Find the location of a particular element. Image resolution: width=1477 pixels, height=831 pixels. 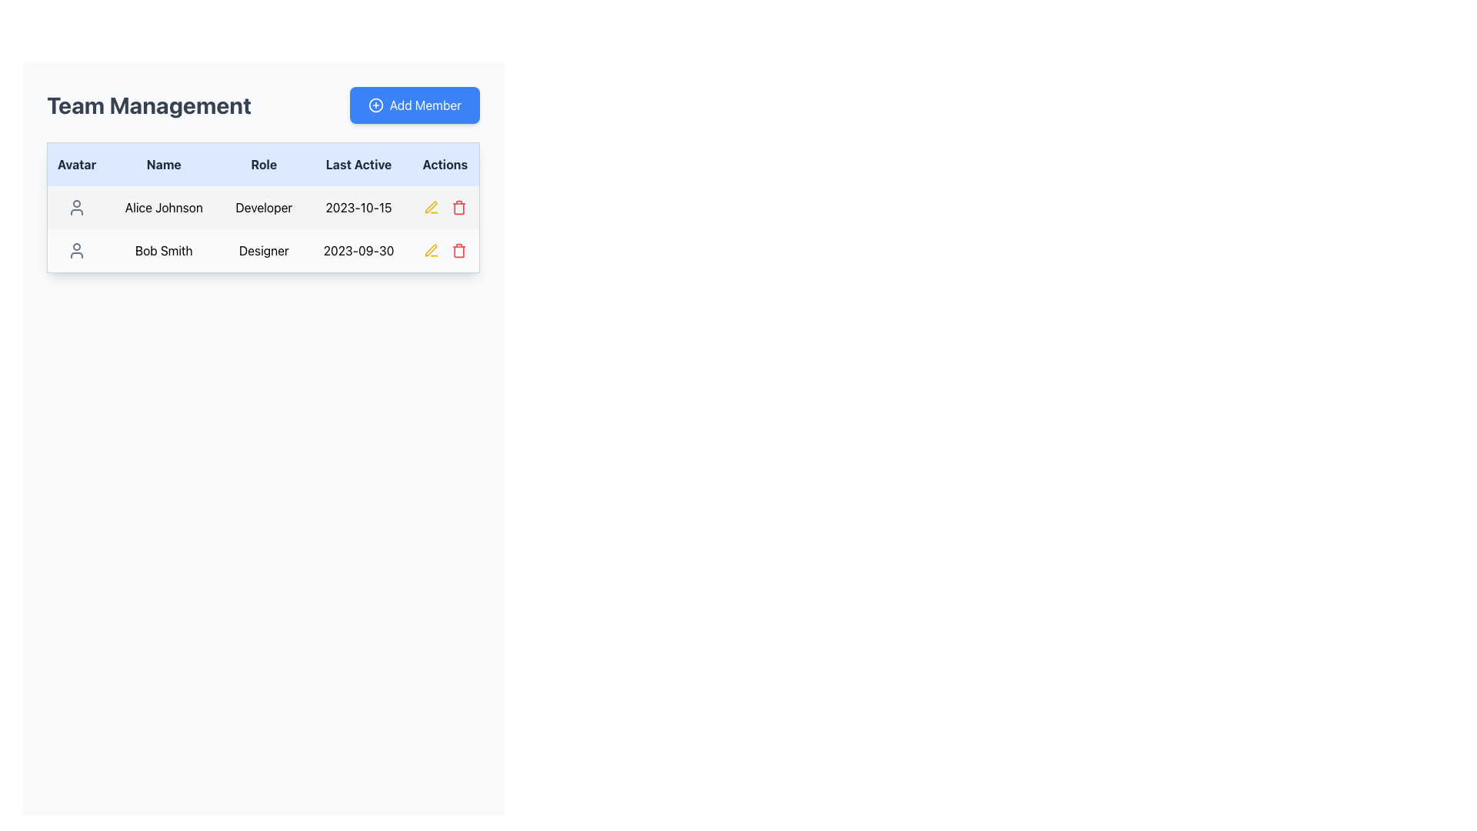

the 'Role' label element, which displays text in bold, black font on a light blue background, and is located between the 'Name' and 'Last Active' headers in a table layout is located at coordinates (264, 164).